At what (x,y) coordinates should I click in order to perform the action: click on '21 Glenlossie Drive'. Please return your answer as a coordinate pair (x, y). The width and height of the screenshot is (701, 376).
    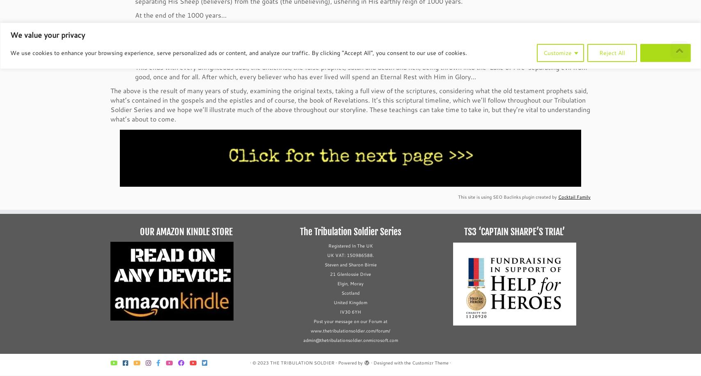
    Looking at the image, I should click on (350, 274).